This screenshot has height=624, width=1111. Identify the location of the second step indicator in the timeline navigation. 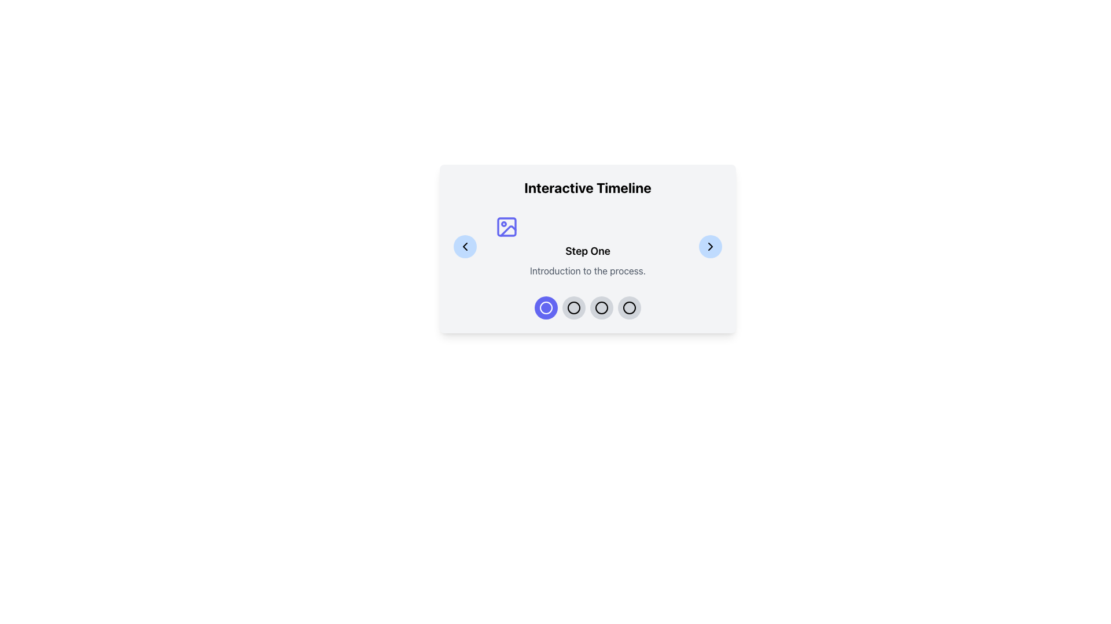
(602, 307).